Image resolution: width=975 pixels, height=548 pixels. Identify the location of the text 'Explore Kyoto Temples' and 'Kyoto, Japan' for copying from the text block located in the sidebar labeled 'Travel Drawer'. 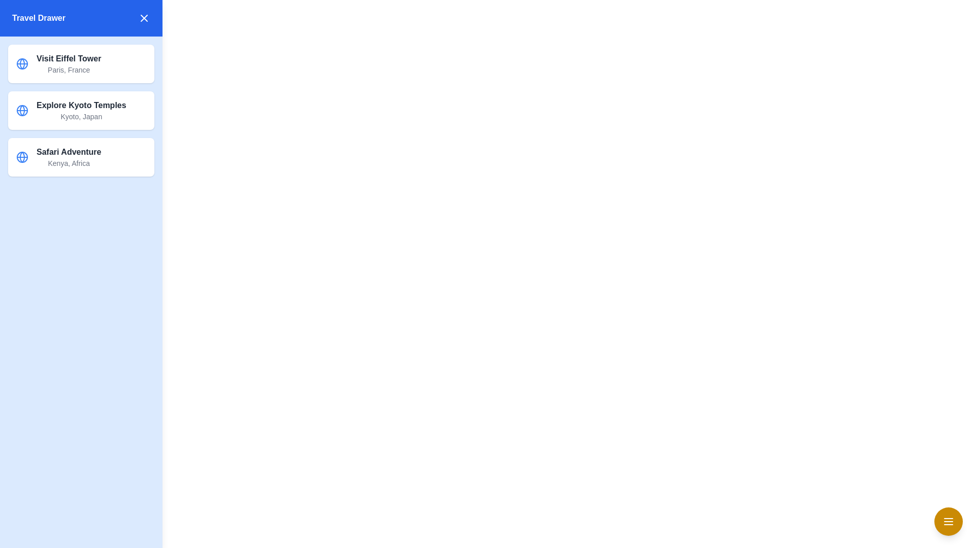
(81, 111).